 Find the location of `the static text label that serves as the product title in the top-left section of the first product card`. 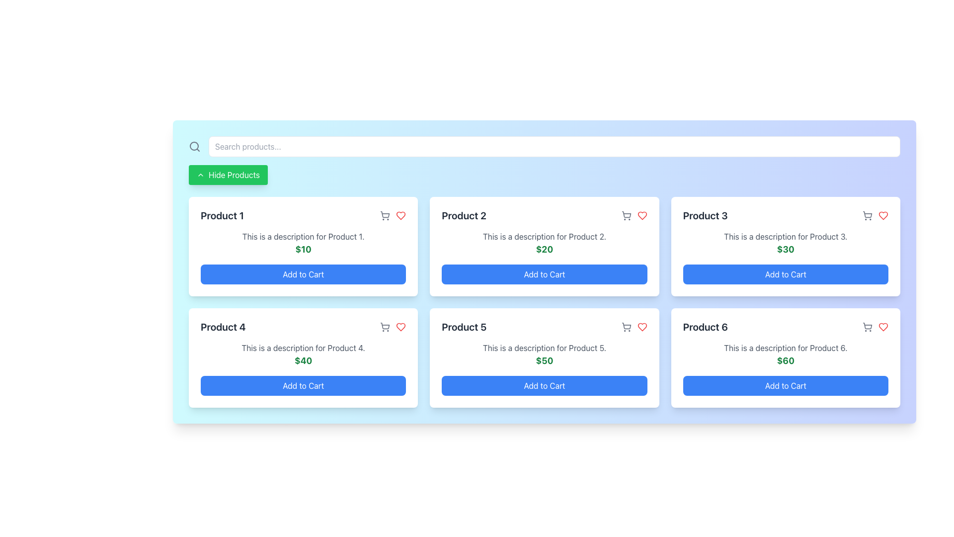

the static text label that serves as the product title in the top-left section of the first product card is located at coordinates (222, 215).